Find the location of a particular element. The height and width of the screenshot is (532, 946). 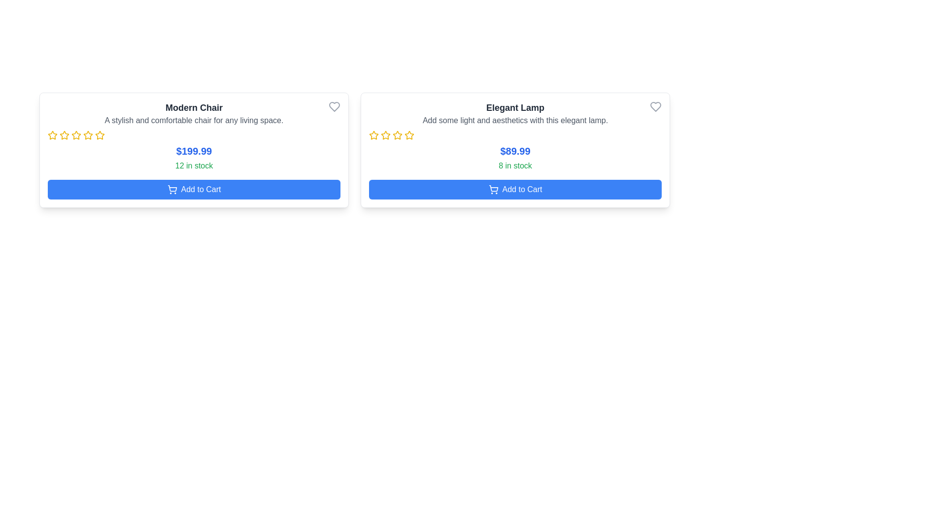

the second star icon in the rating component below the 'Modern Chair' text is located at coordinates (100, 135).